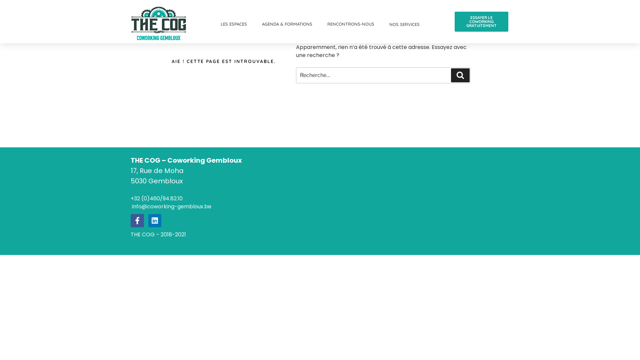 The height and width of the screenshot is (360, 640). Describe the element at coordinates (156, 198) in the screenshot. I see `'+32 (0)460/94.82.10'` at that location.